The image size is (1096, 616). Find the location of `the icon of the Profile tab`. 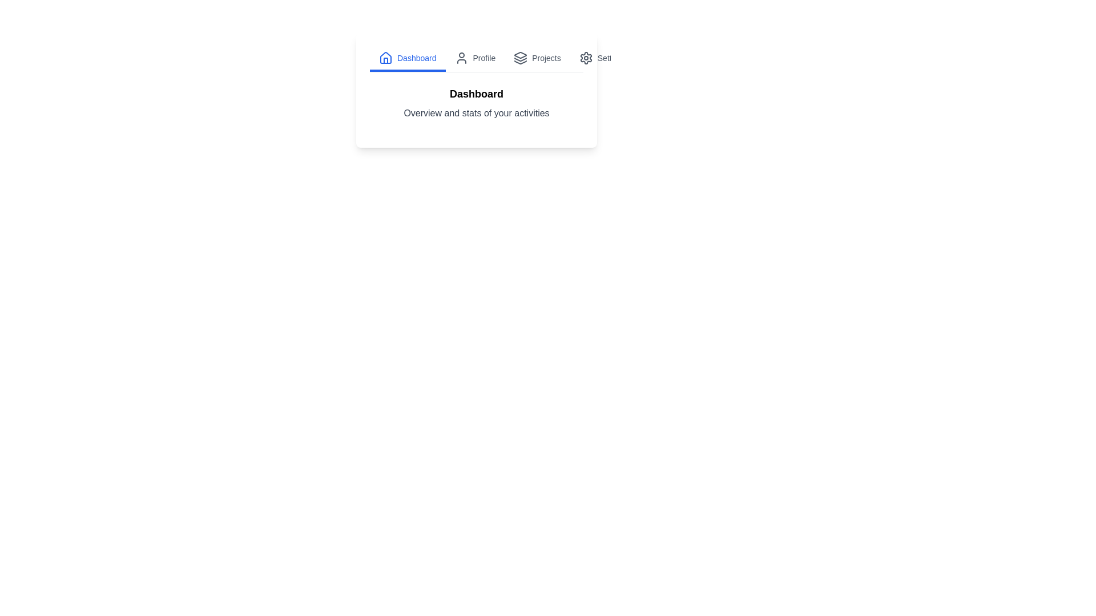

the icon of the Profile tab is located at coordinates (461, 58).